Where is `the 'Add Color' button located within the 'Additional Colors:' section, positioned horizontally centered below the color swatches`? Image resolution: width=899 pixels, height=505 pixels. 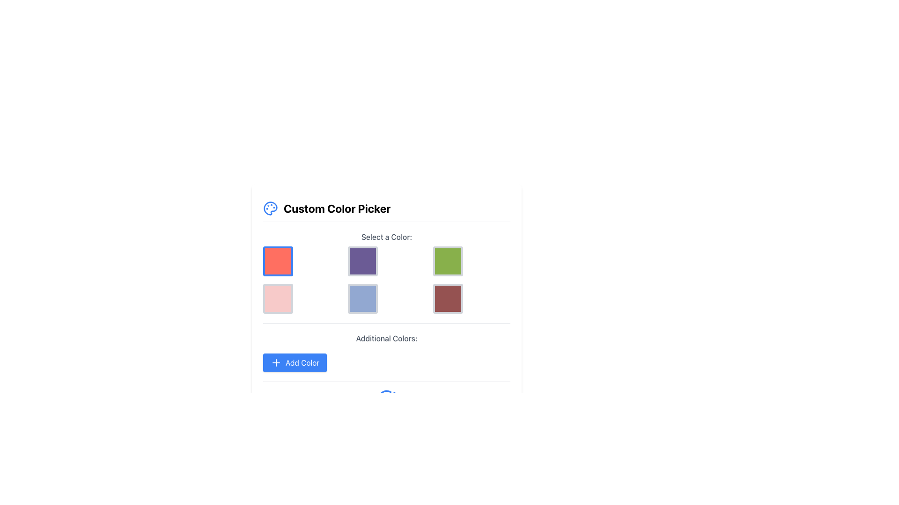
the 'Add Color' button located within the 'Additional Colors:' section, positioned horizontally centered below the color swatches is located at coordinates (295, 362).